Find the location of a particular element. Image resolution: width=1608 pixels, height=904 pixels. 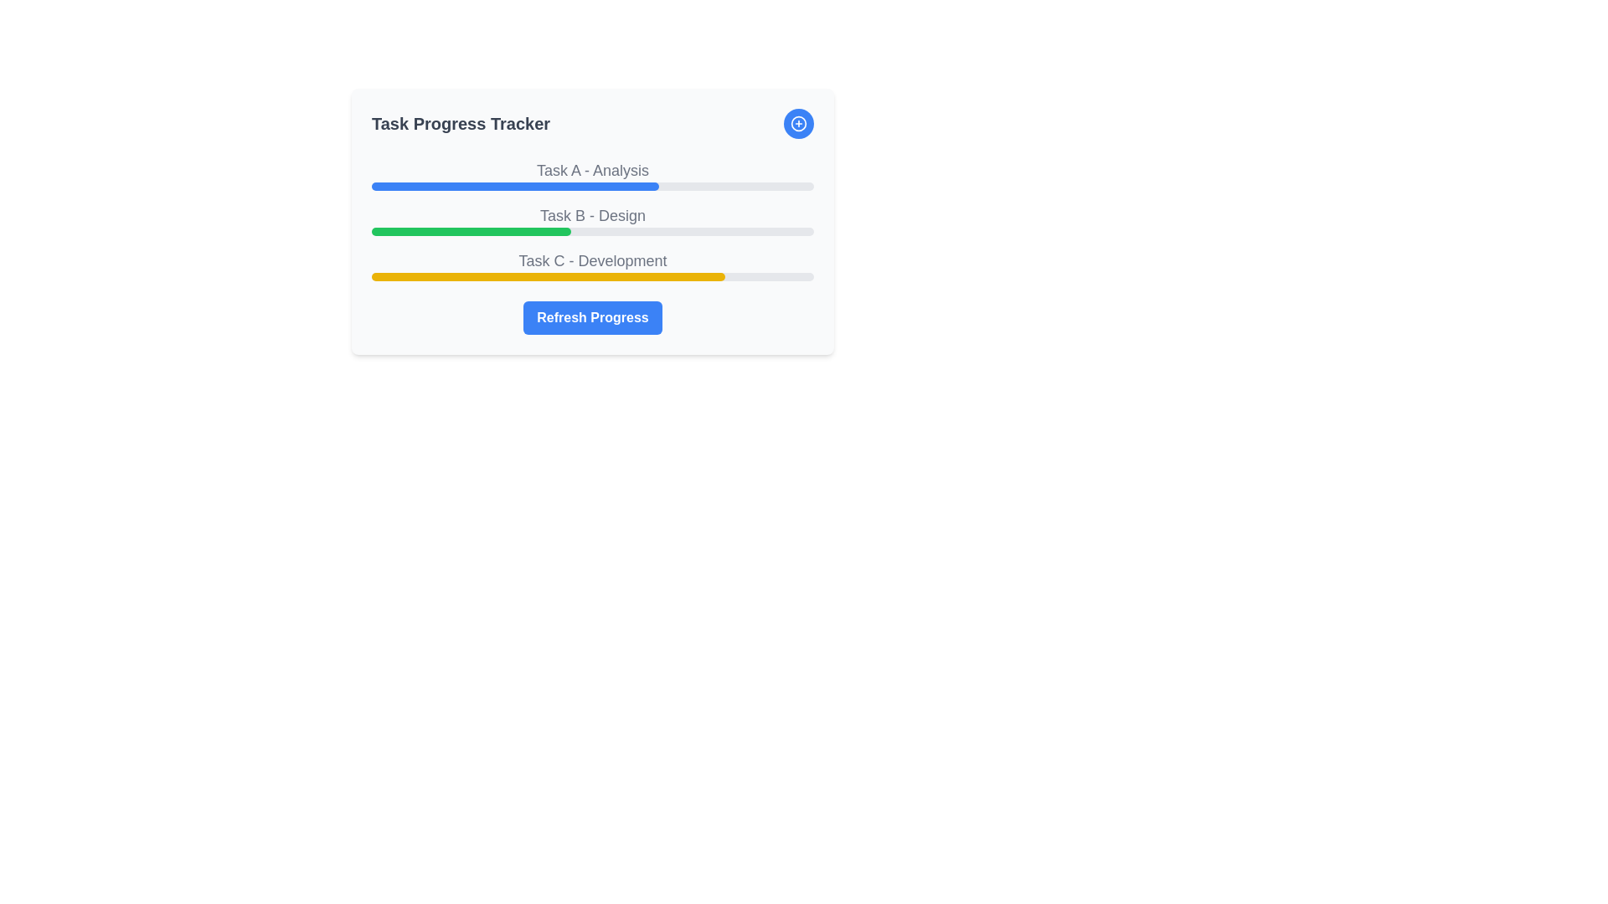

the visual progress bar segment indicating the progress of 'Task B - Design', which is approximately 45% complete is located at coordinates (470, 232).